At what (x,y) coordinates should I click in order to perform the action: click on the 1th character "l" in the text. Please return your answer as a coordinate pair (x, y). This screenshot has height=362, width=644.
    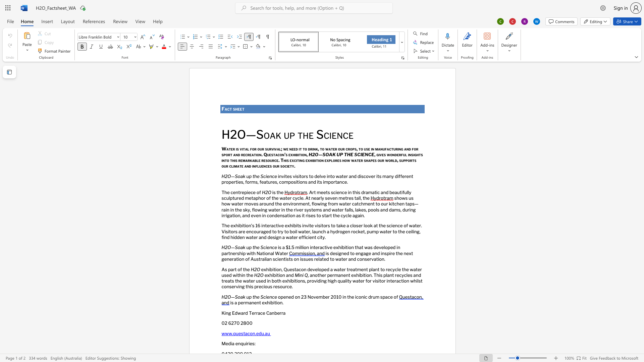
    Looking at the image, I should click on (258, 166).